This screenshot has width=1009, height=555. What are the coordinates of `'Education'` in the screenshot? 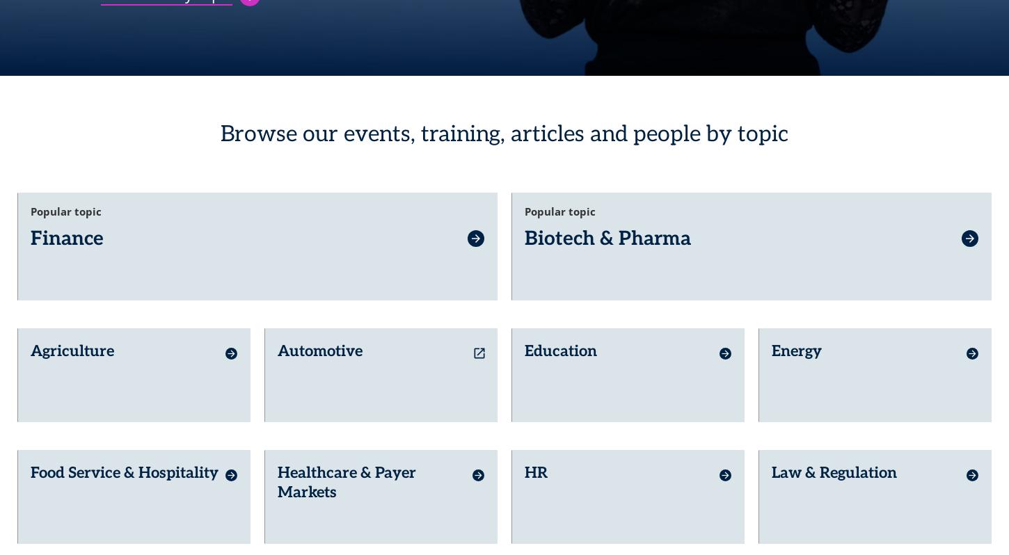 It's located at (561, 345).